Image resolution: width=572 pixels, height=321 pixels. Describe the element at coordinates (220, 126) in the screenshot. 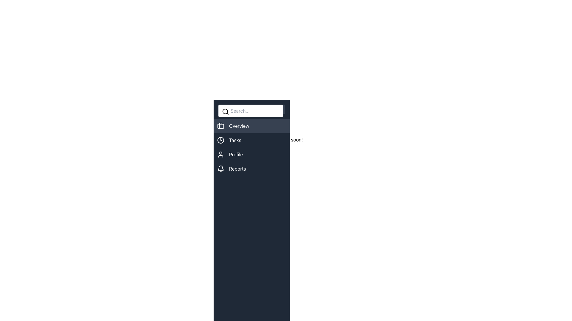

I see `the vector graphic element (rectangle) that is part of the briefcase icon located next to the 'Overview' label in the vertical navigation menu` at that location.